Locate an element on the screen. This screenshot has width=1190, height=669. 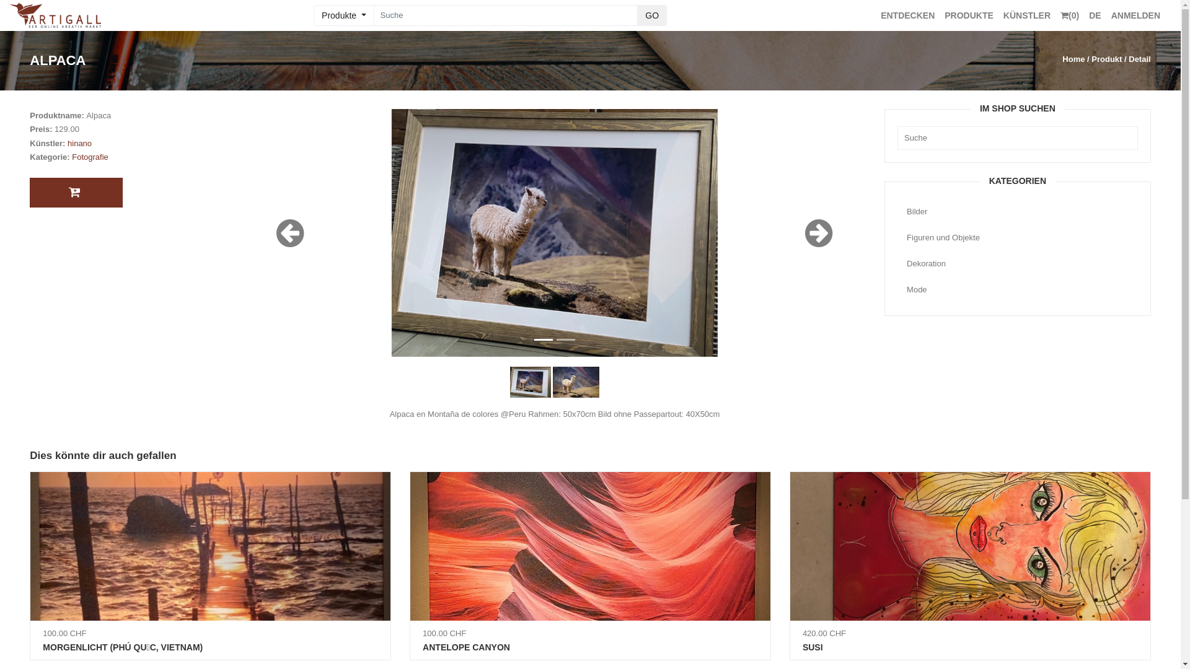
'PRODUKTE' is located at coordinates (968, 15).